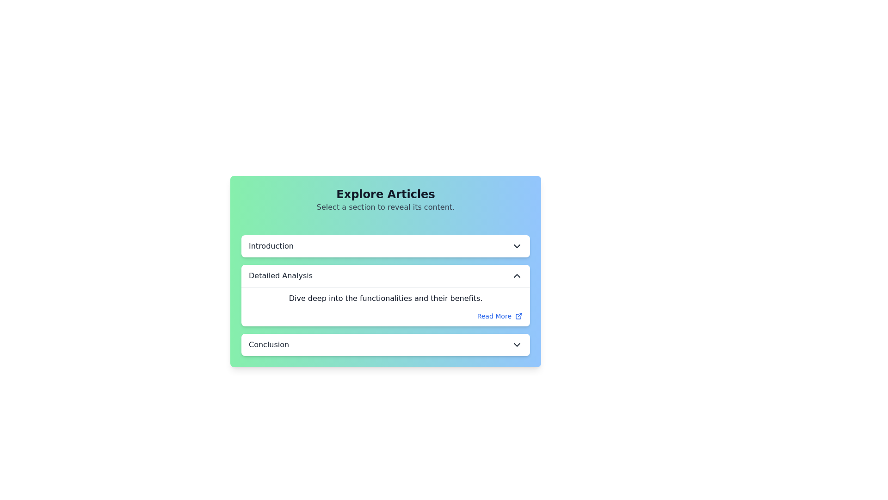 The width and height of the screenshot is (888, 500). What do you see at coordinates (517, 344) in the screenshot?
I see `the downward-pointing chevron icon button located at the bottom-right corner of the 'Conclusion' section` at bounding box center [517, 344].